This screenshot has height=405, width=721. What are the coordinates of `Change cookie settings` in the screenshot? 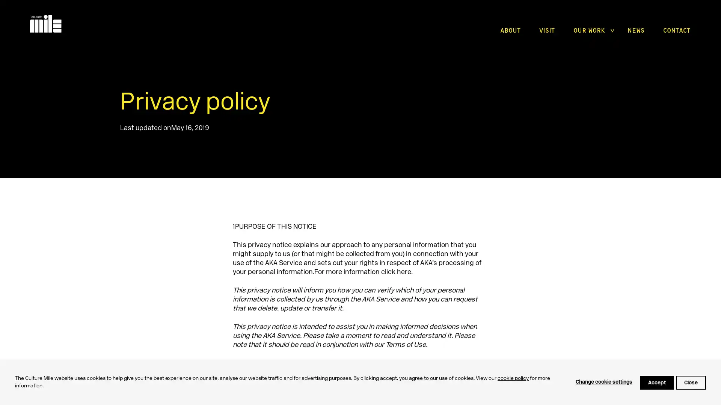 It's located at (604, 382).